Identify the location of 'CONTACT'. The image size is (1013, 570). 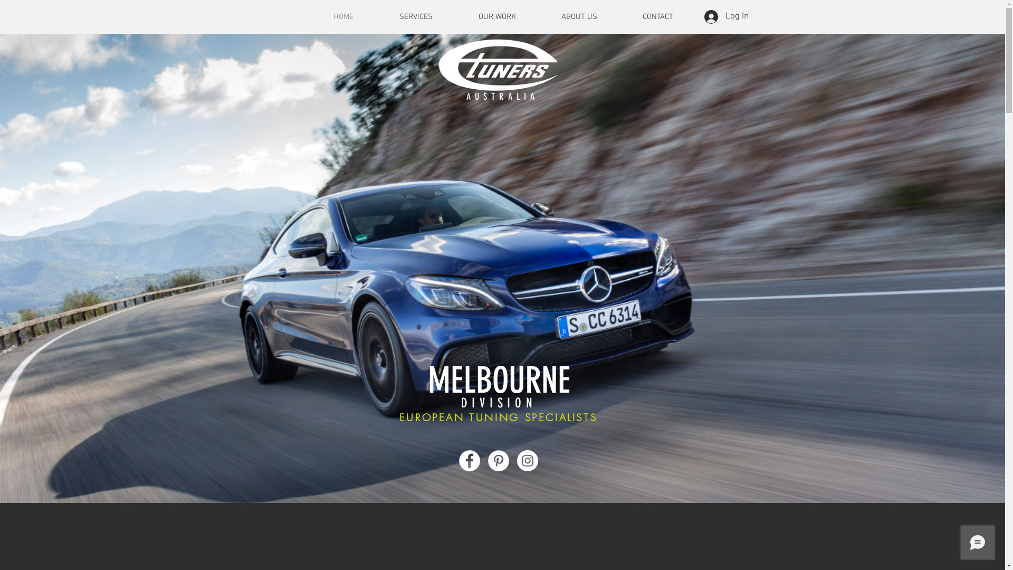
(657, 16).